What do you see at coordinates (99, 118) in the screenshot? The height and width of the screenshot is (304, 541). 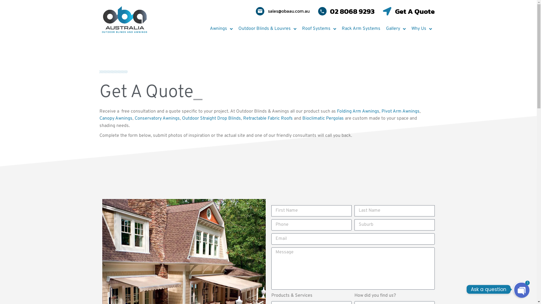 I see `'Canopy Awnings'` at bounding box center [99, 118].